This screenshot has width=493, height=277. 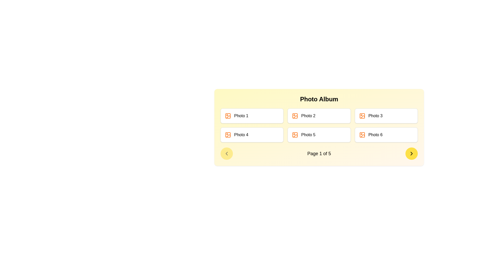 What do you see at coordinates (226, 153) in the screenshot?
I see `the navigation button icon located in the bottom-left corner of the photo album panel to visualize interactivity effects` at bounding box center [226, 153].